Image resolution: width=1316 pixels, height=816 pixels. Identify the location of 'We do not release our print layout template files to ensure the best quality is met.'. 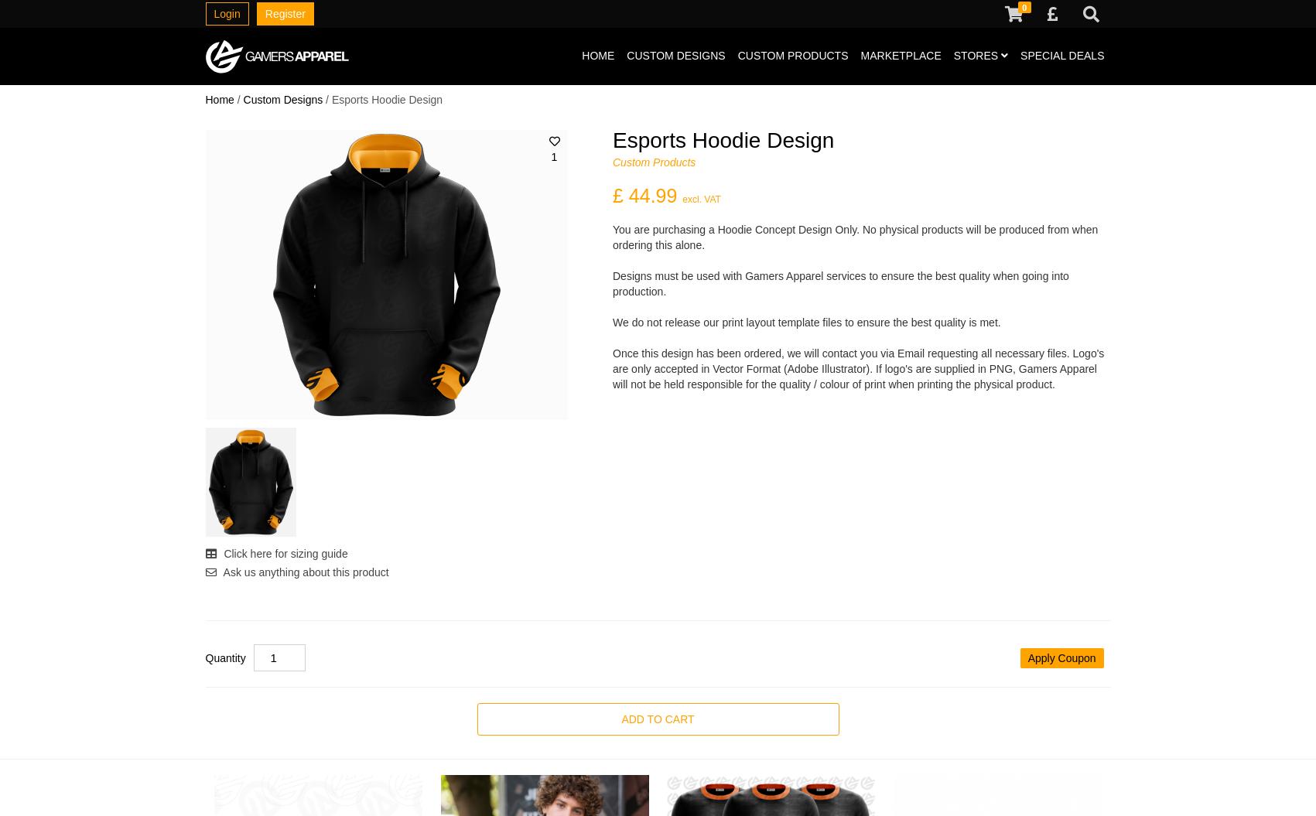
(806, 322).